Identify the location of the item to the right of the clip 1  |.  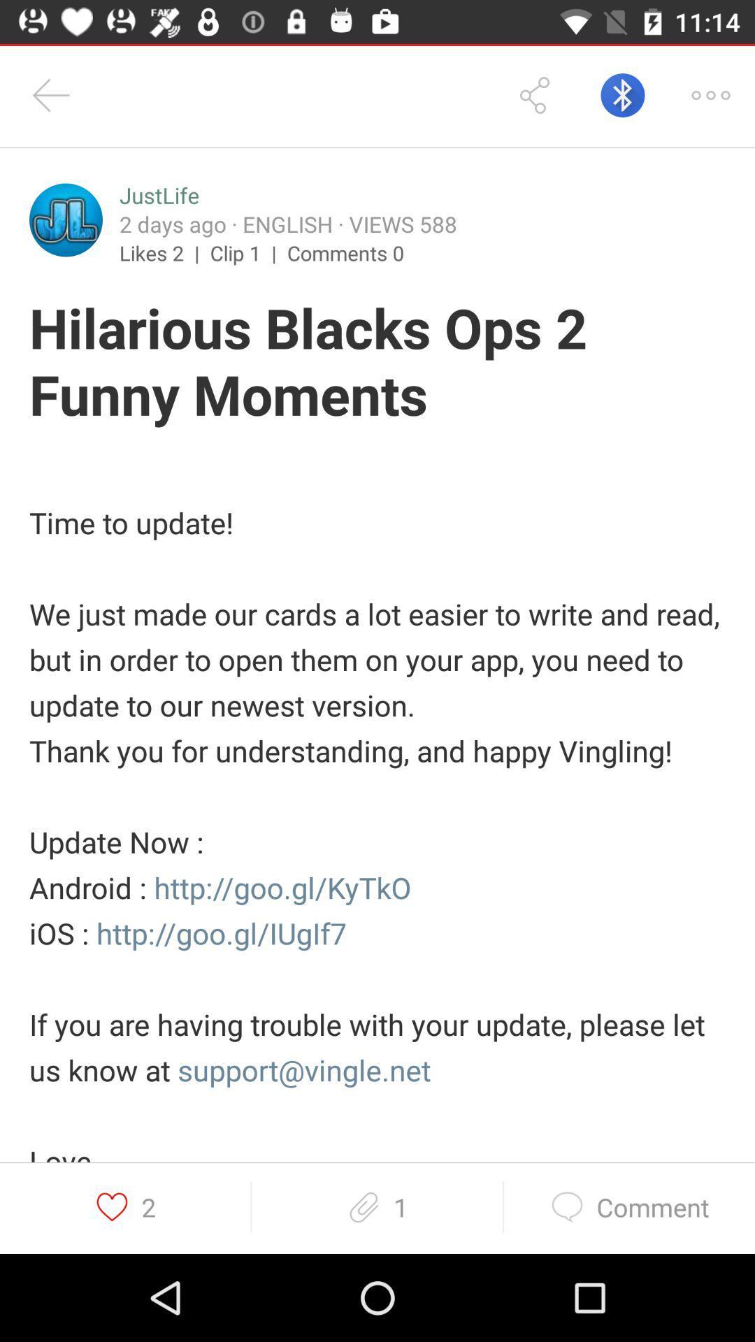
(345, 252).